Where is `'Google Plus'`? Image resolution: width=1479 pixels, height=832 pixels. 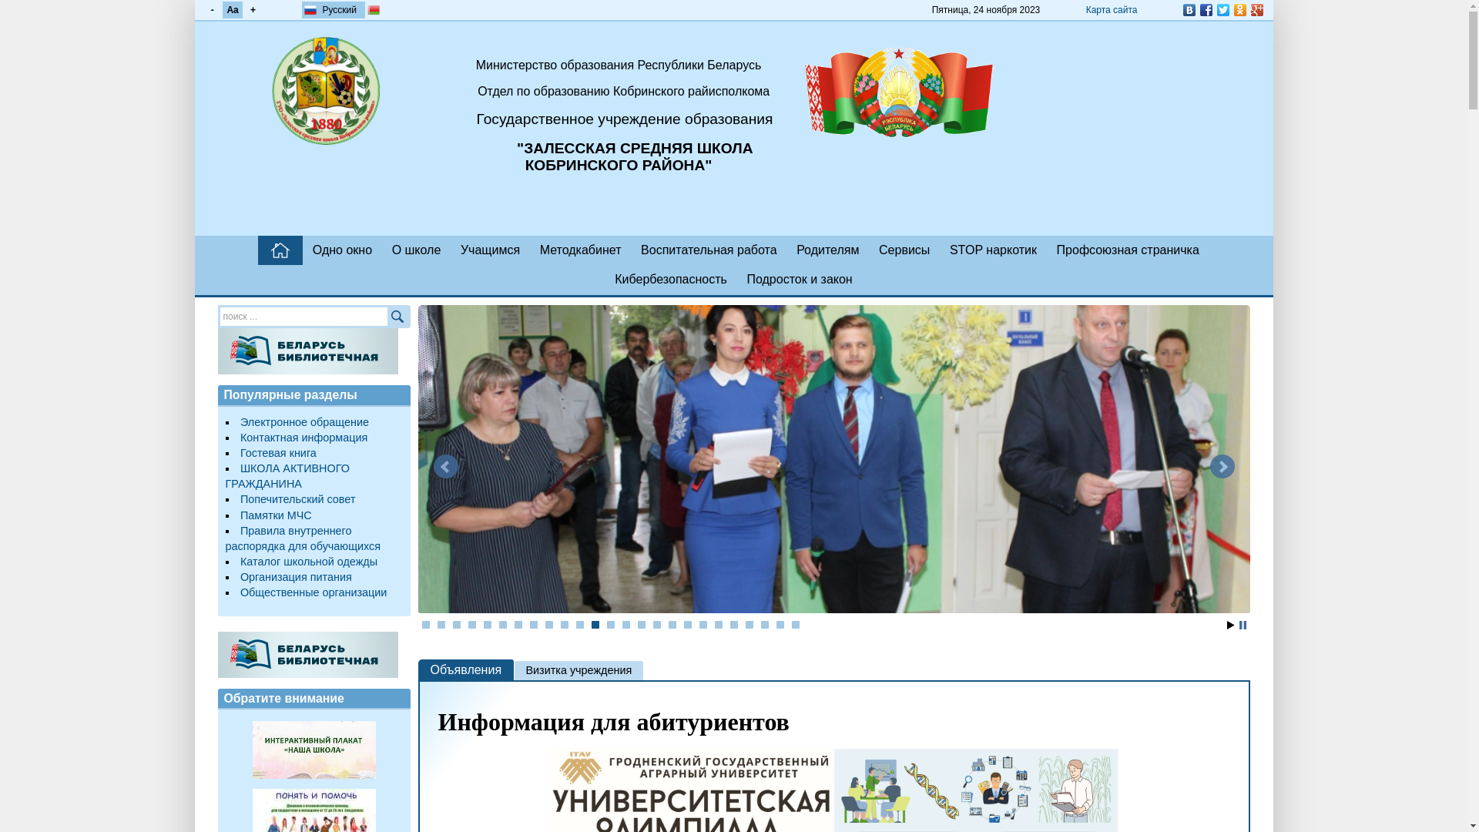
'Google Plus' is located at coordinates (1256, 9).